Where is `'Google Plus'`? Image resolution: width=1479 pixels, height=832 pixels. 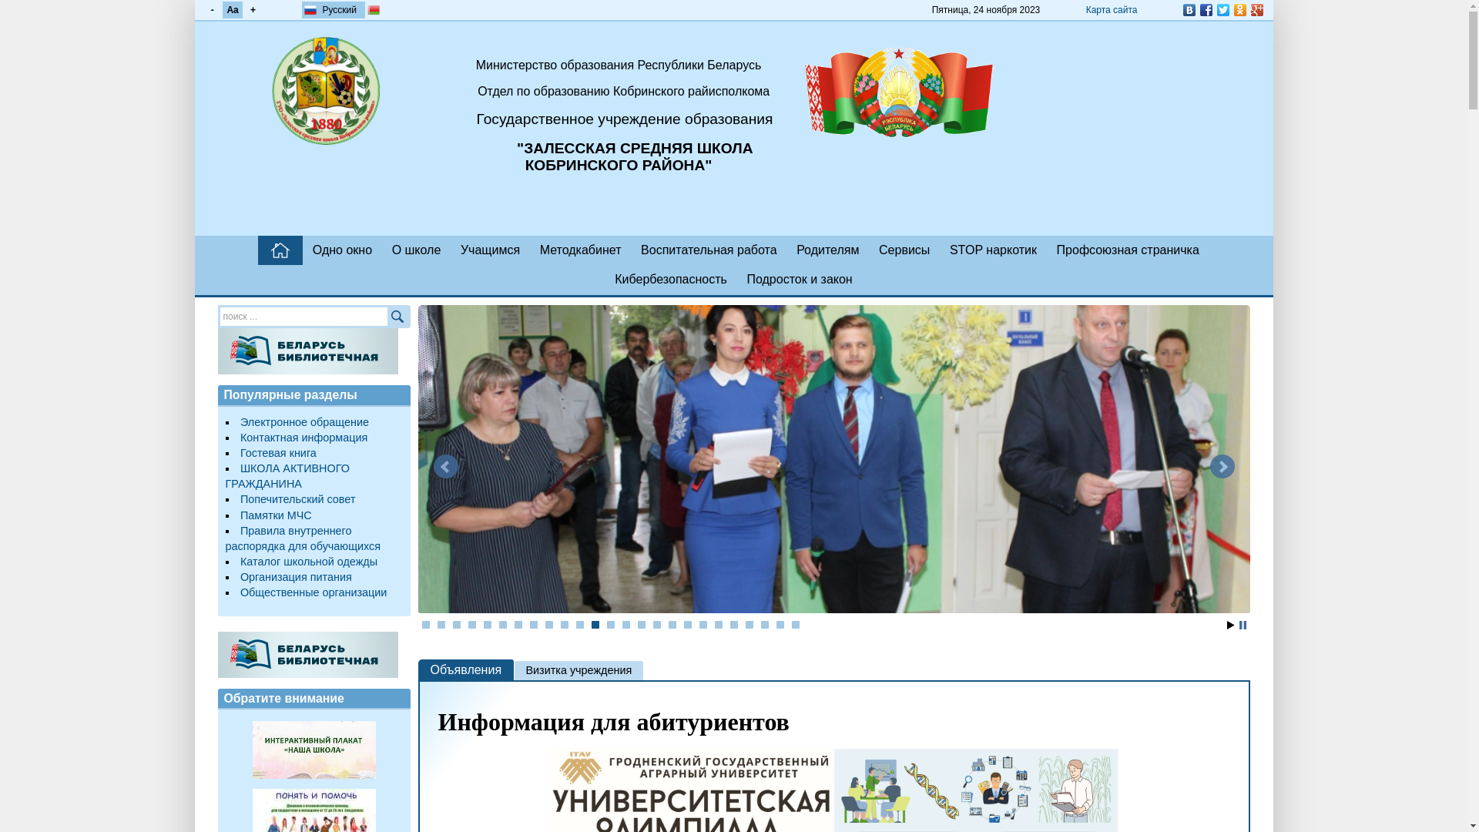
'Google Plus' is located at coordinates (1256, 9).